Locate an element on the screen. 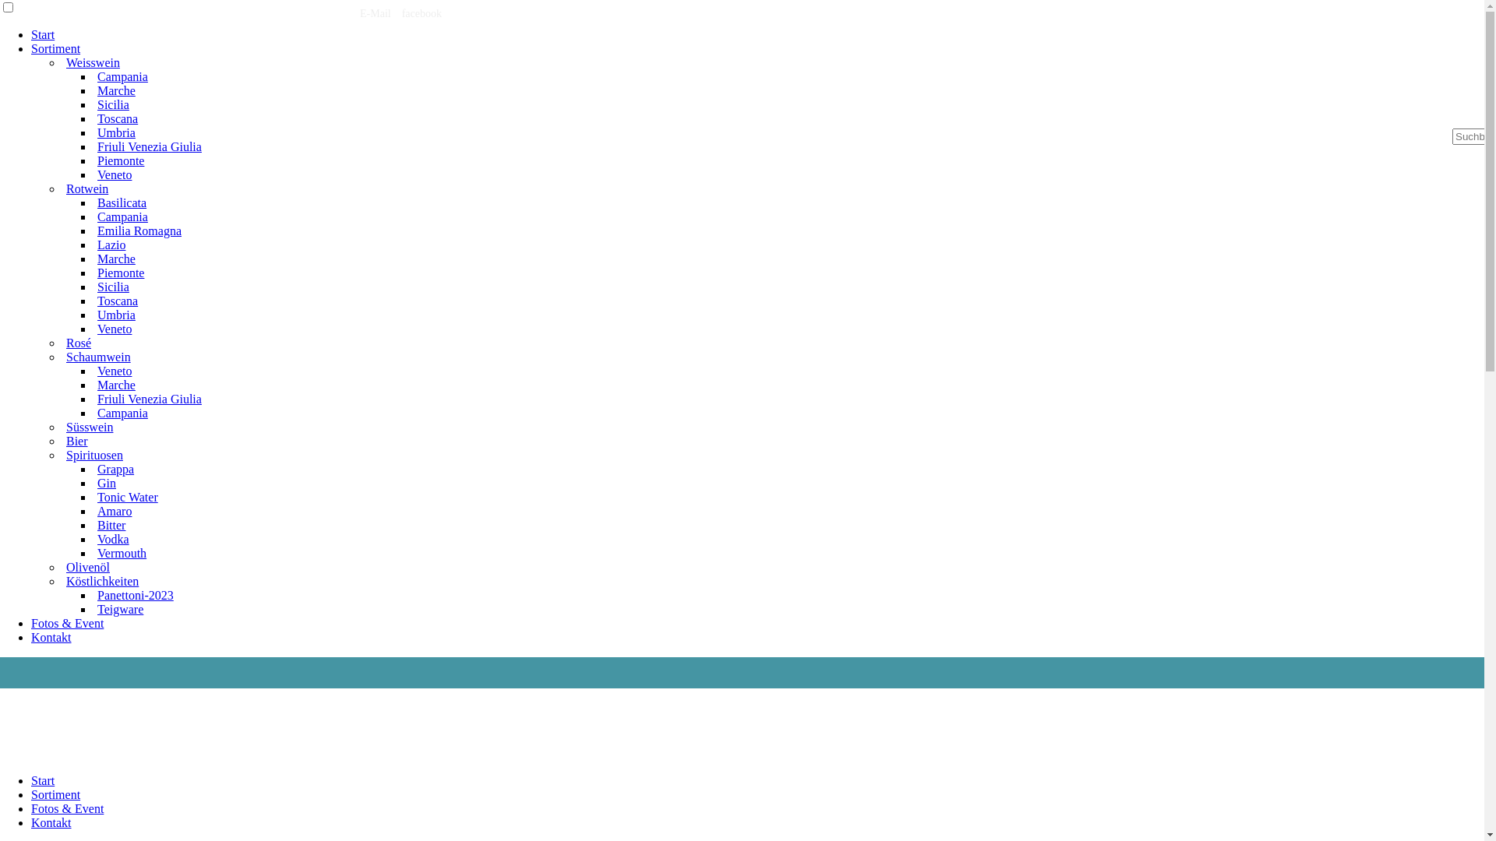 Image resolution: width=1496 pixels, height=841 pixels. 'Friuli Venezia Giulia' is located at coordinates (150, 146).